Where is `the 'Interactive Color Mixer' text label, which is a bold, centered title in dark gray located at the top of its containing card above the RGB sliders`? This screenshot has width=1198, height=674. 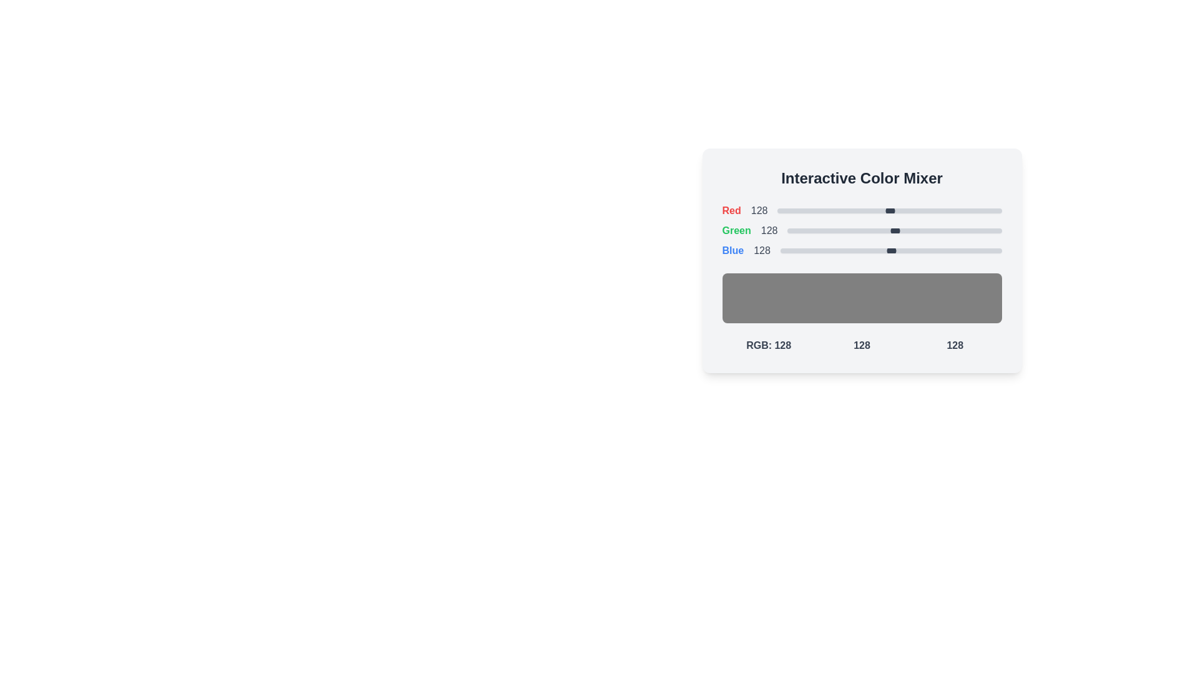
the 'Interactive Color Mixer' text label, which is a bold, centered title in dark gray located at the top of its containing card above the RGB sliders is located at coordinates (861, 178).